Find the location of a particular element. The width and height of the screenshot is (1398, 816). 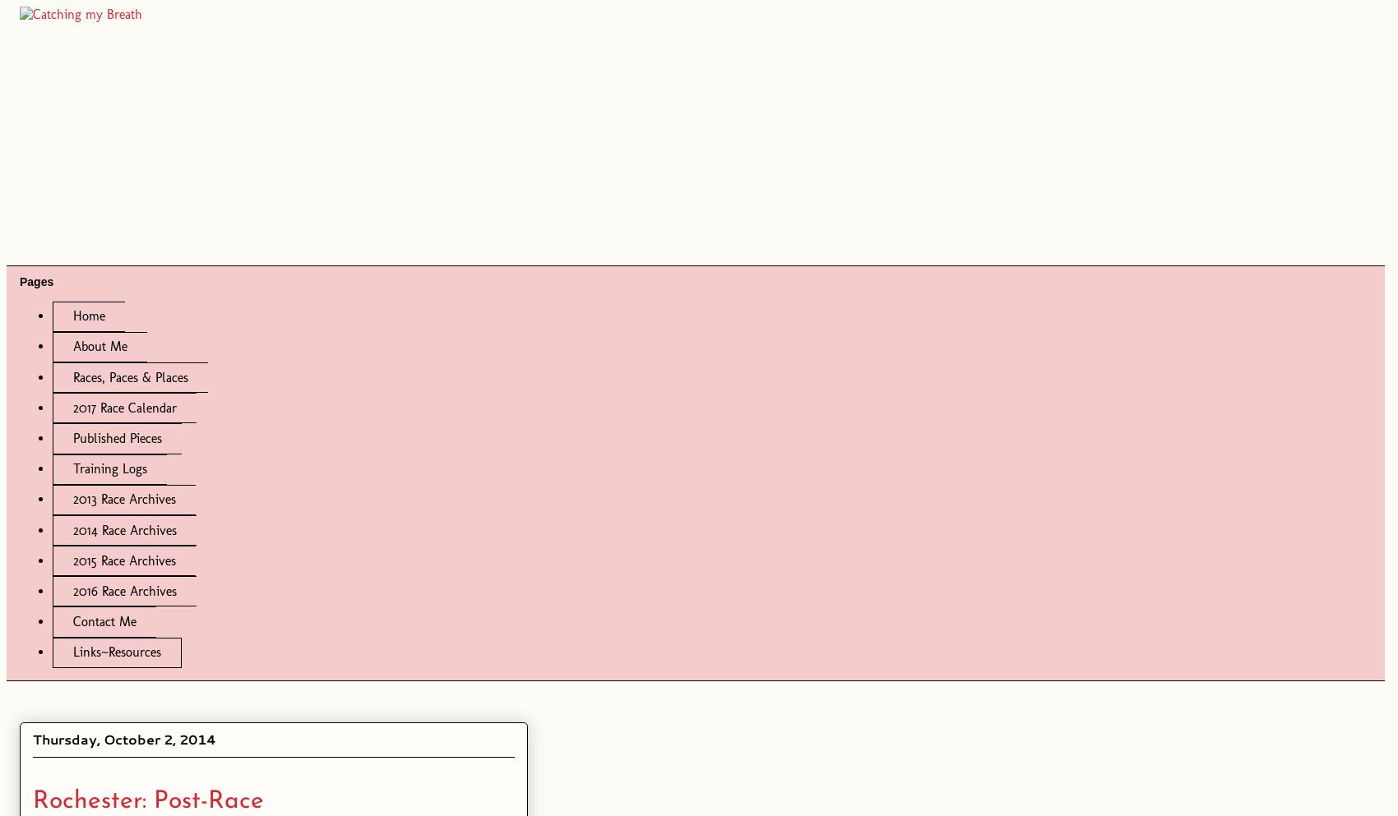

'Rochester: Post-Race' is located at coordinates (32, 800).